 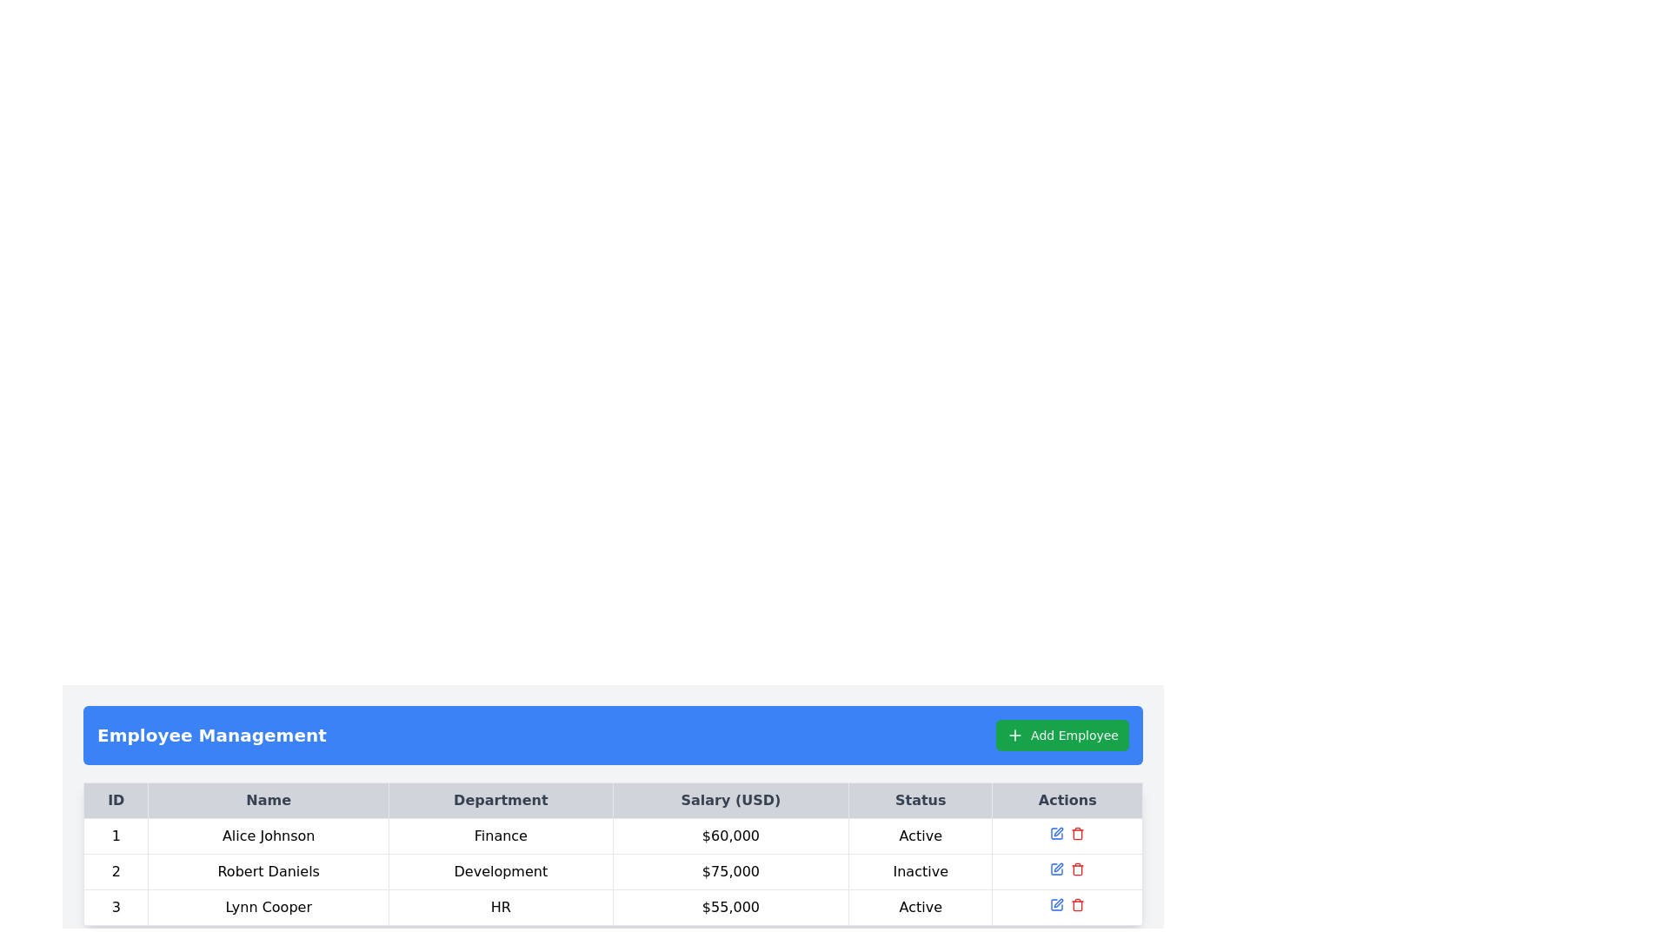 What do you see at coordinates (500, 835) in the screenshot?
I see `text from the 'Department' text field indicating 'Finance' for the individual 'Alice Johnson' in the table` at bounding box center [500, 835].